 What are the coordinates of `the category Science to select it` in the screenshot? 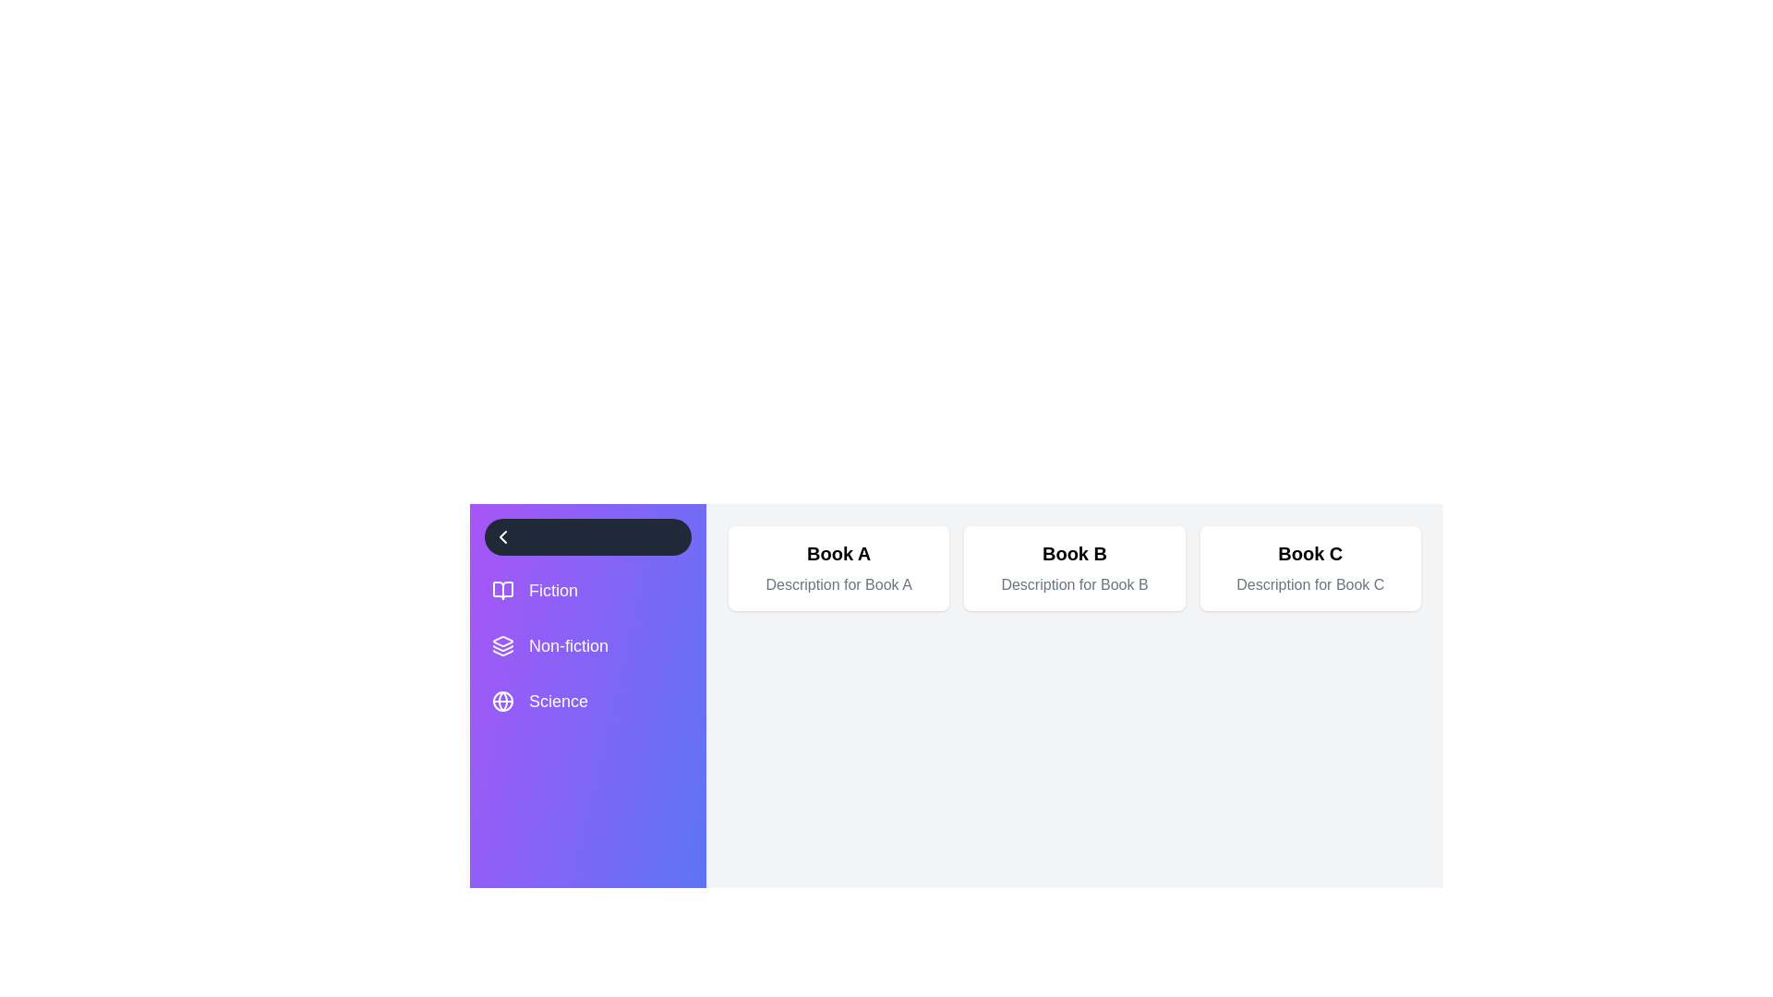 It's located at (587, 701).